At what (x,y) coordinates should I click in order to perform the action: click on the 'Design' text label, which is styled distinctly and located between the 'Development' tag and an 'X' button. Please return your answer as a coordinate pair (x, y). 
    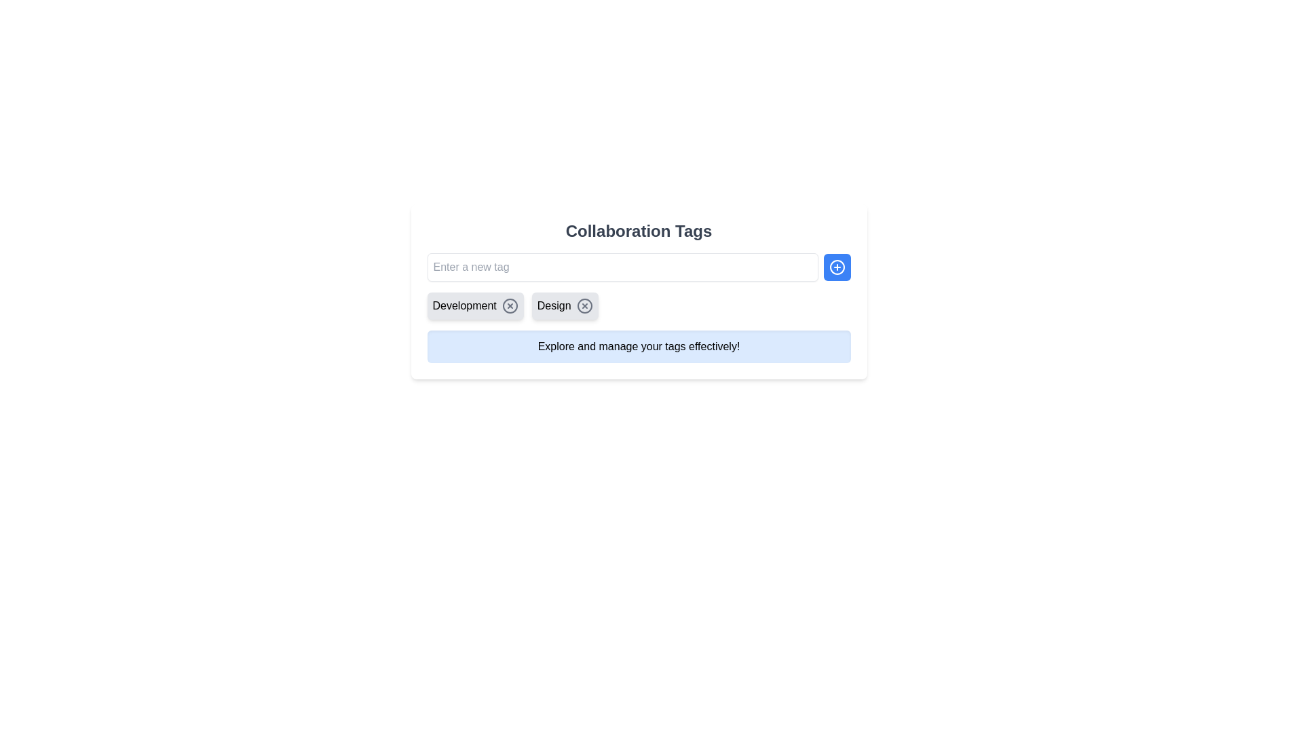
    Looking at the image, I should click on (554, 306).